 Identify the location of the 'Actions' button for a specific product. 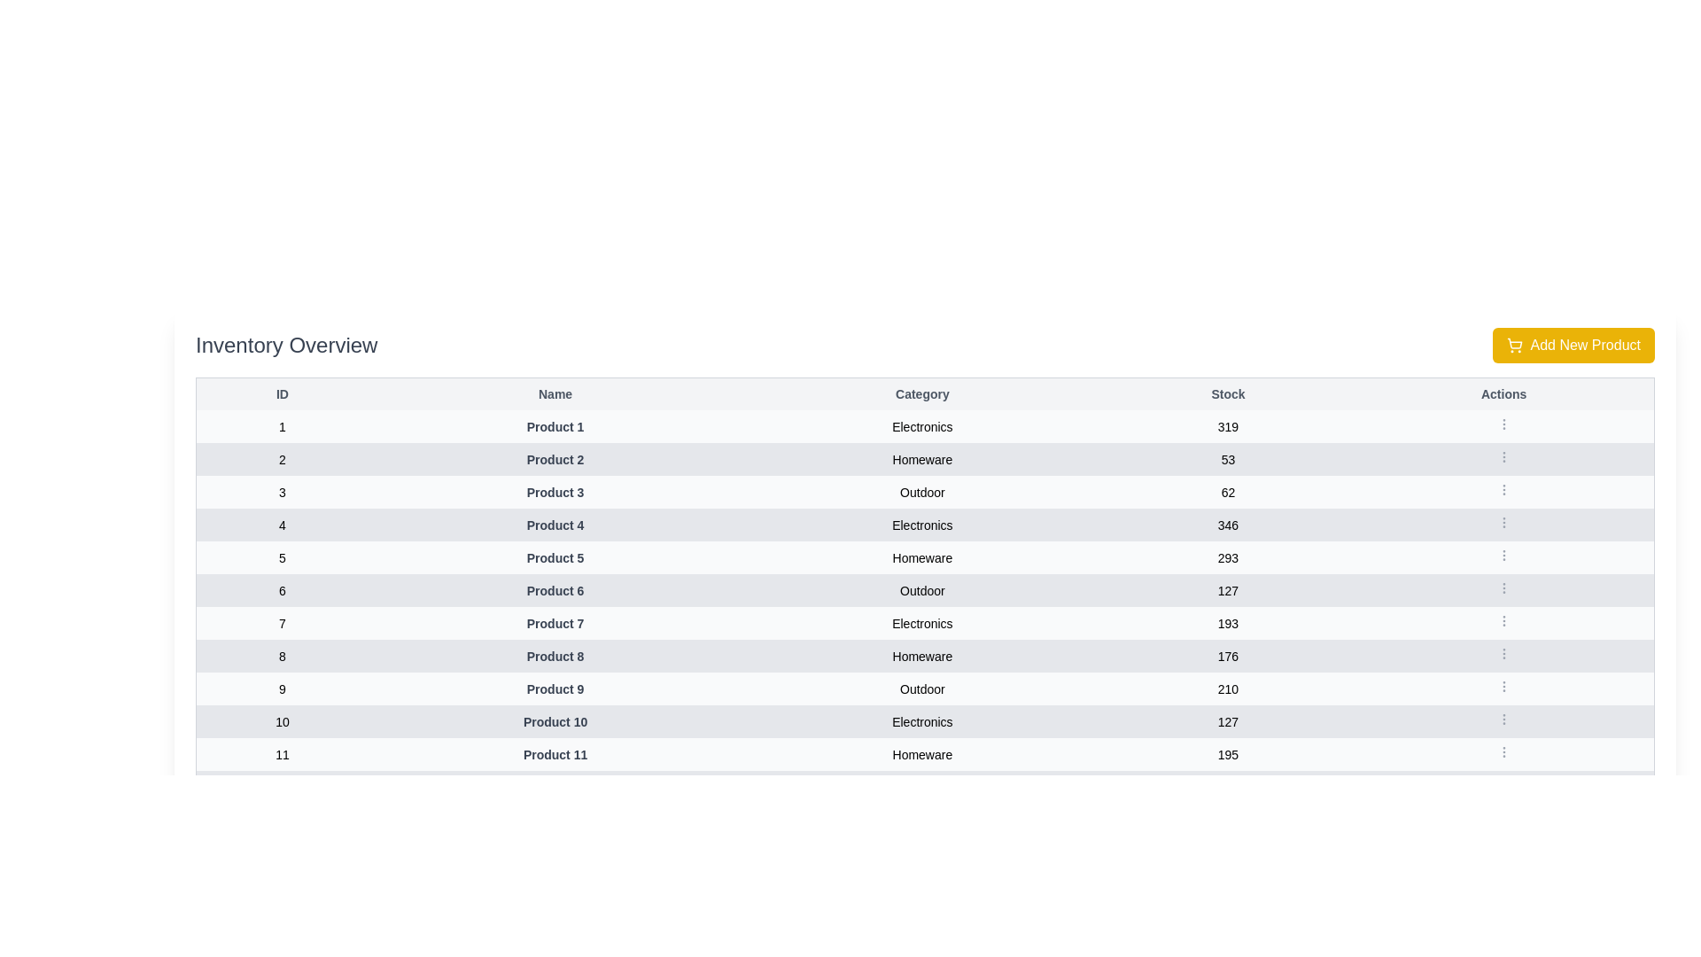
(1503, 424).